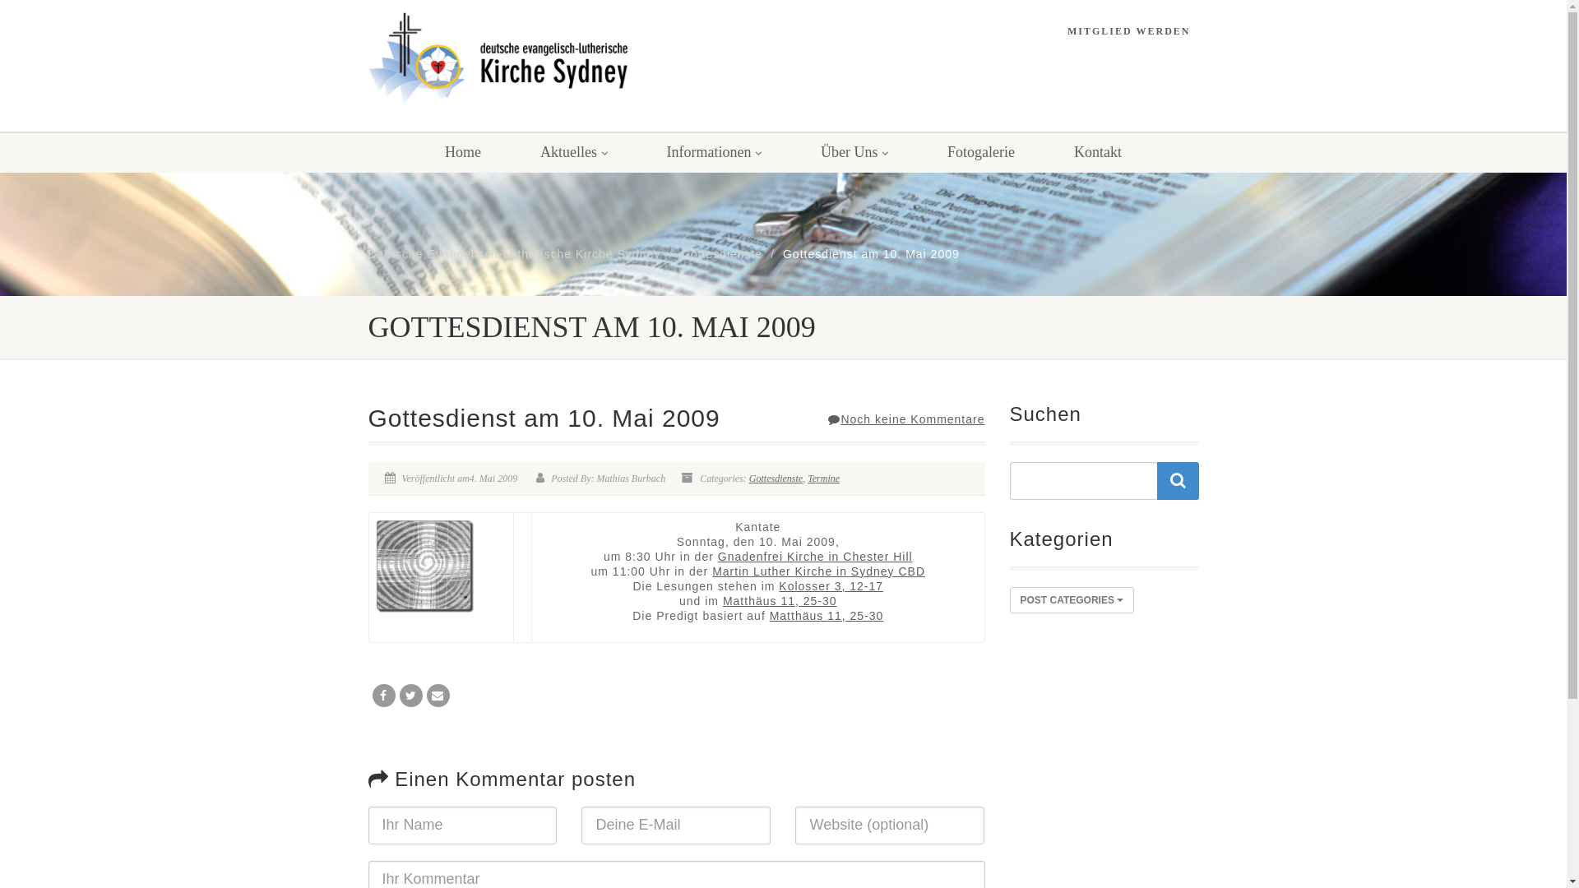  Describe the element at coordinates (905, 418) in the screenshot. I see `'Noch keine Kommentare'` at that location.